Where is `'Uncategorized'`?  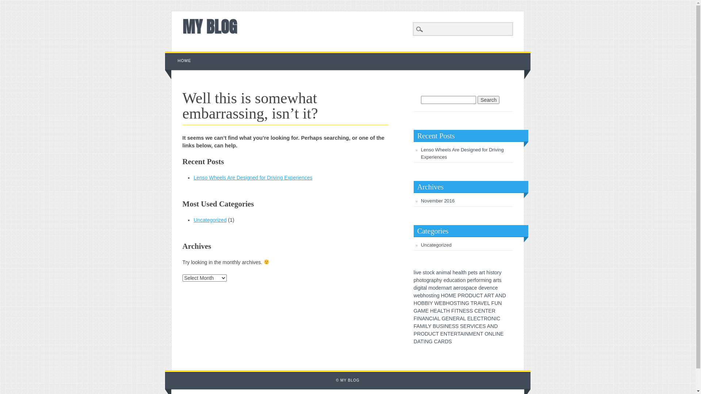
'Uncategorized' is located at coordinates (436, 245).